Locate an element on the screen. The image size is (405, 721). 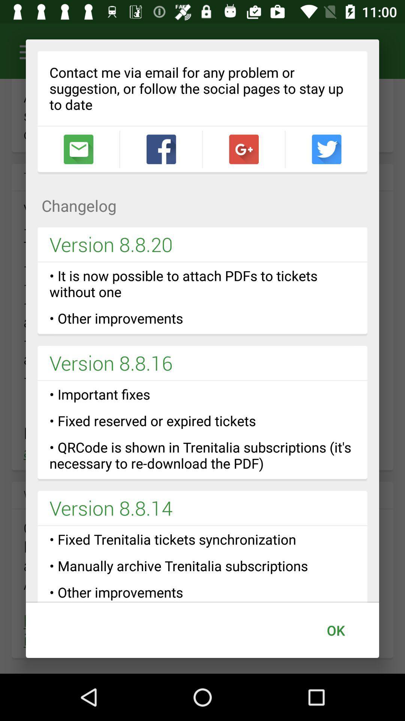
icon at the bottom right corner is located at coordinates (335, 630).